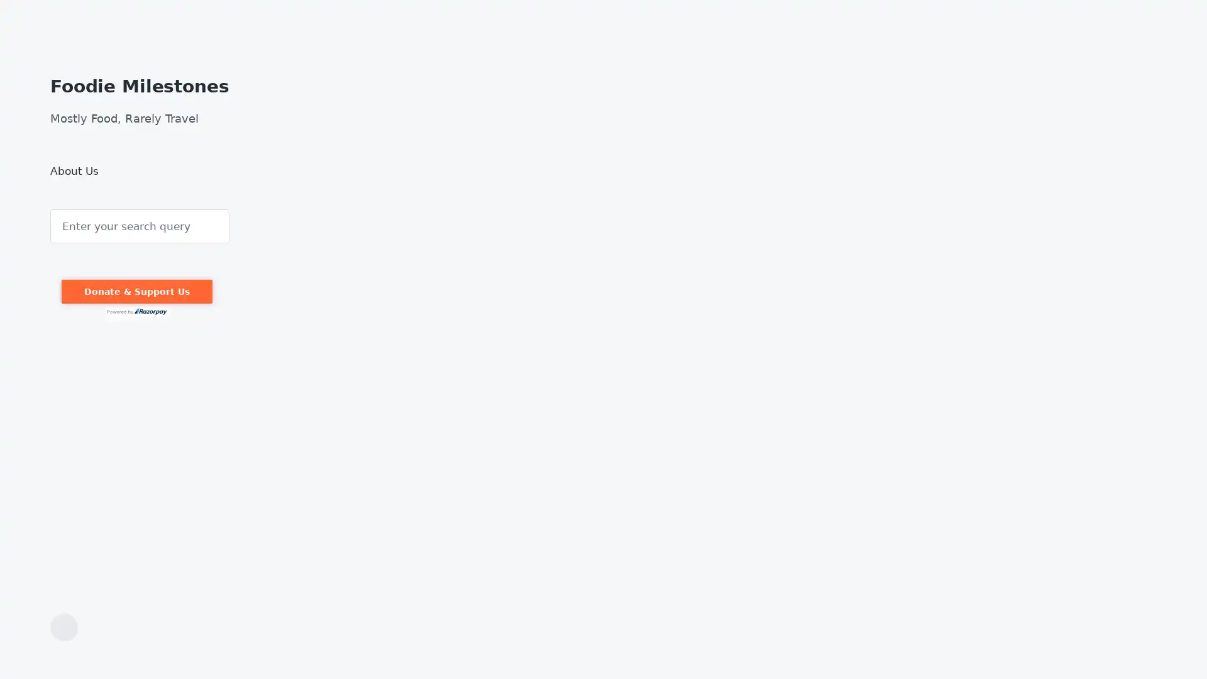 The height and width of the screenshot is (679, 1207). What do you see at coordinates (63, 627) in the screenshot?
I see `Toggle the search field` at bounding box center [63, 627].